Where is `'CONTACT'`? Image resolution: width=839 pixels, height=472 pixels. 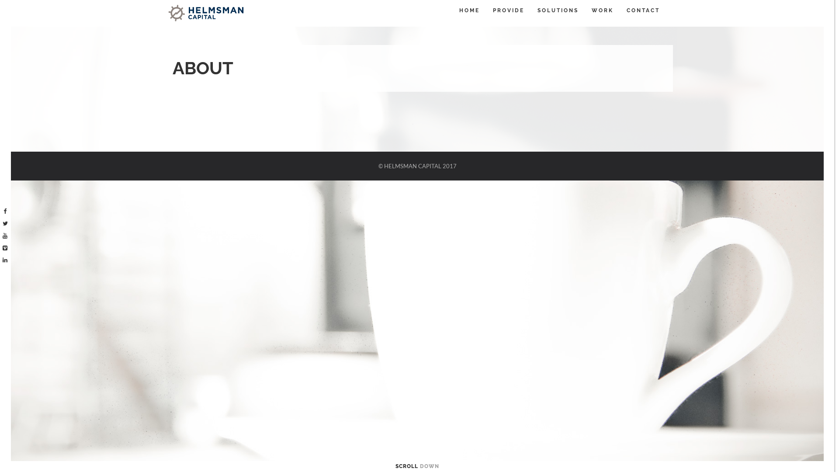 'CONTACT' is located at coordinates (626, 10).